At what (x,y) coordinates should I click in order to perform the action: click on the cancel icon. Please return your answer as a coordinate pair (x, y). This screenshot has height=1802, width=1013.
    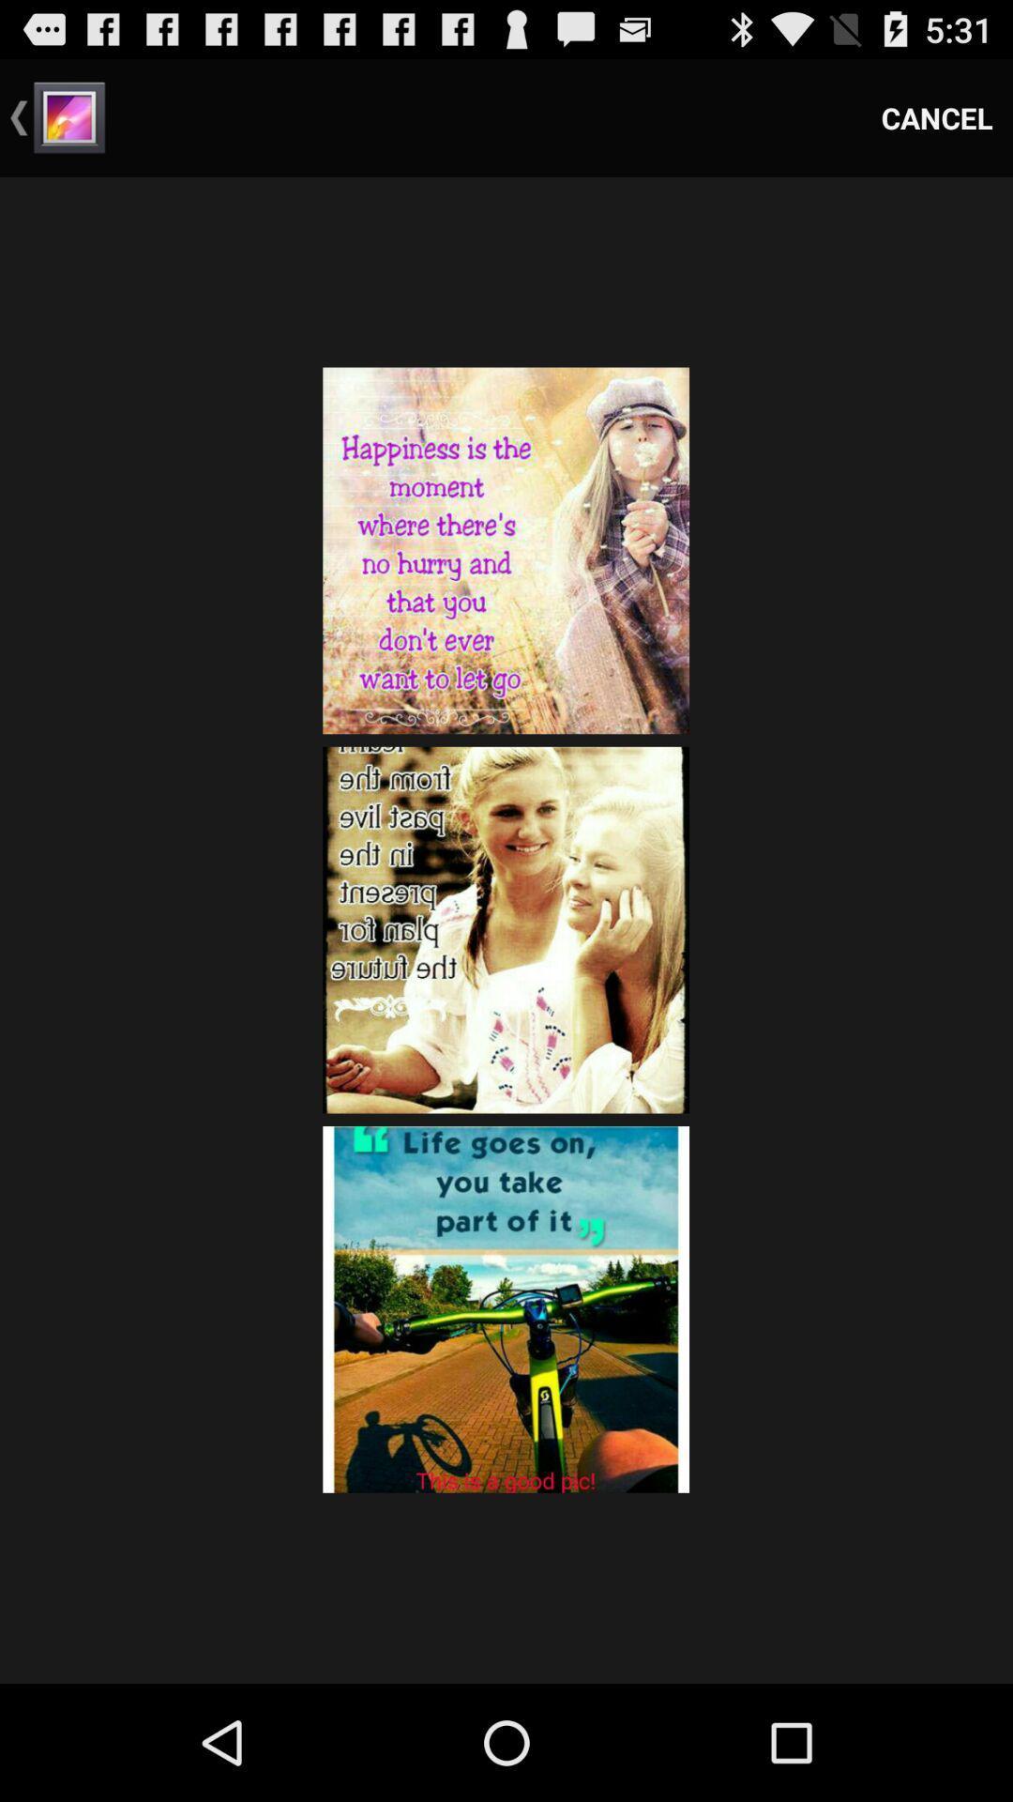
    Looking at the image, I should click on (937, 116).